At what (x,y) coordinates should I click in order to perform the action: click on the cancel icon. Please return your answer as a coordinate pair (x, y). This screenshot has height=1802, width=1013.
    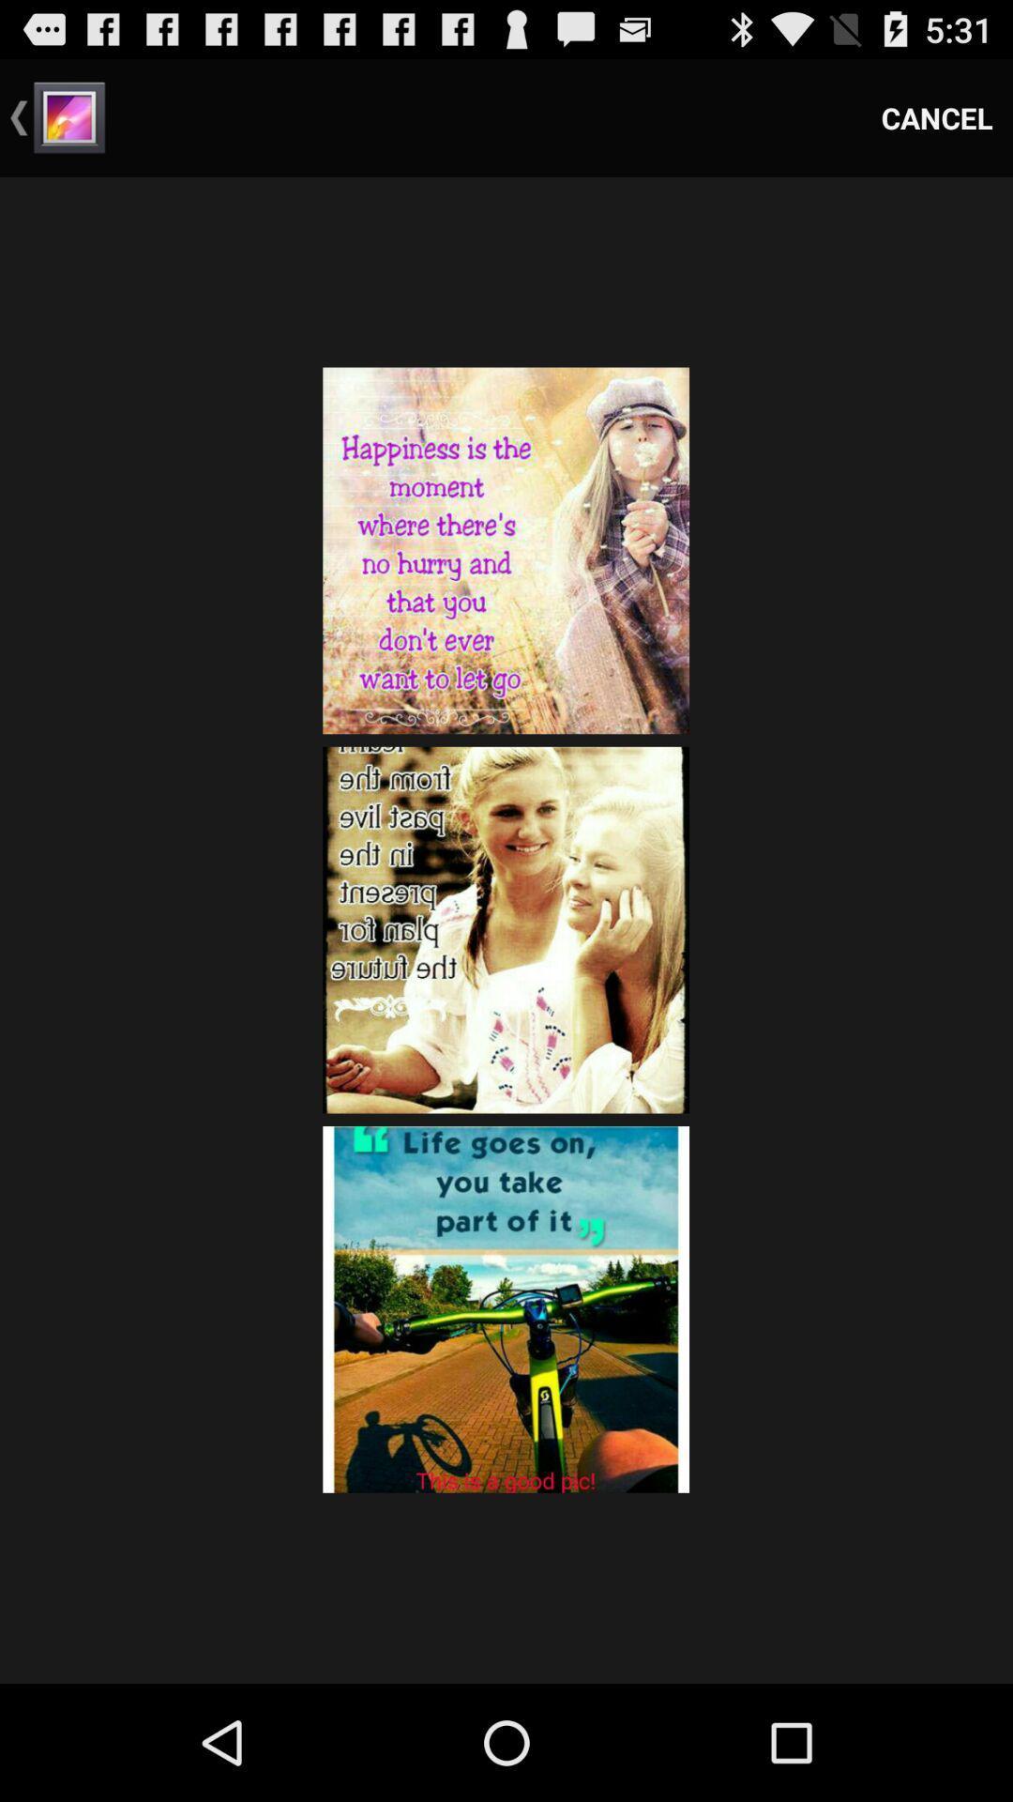
    Looking at the image, I should click on (937, 116).